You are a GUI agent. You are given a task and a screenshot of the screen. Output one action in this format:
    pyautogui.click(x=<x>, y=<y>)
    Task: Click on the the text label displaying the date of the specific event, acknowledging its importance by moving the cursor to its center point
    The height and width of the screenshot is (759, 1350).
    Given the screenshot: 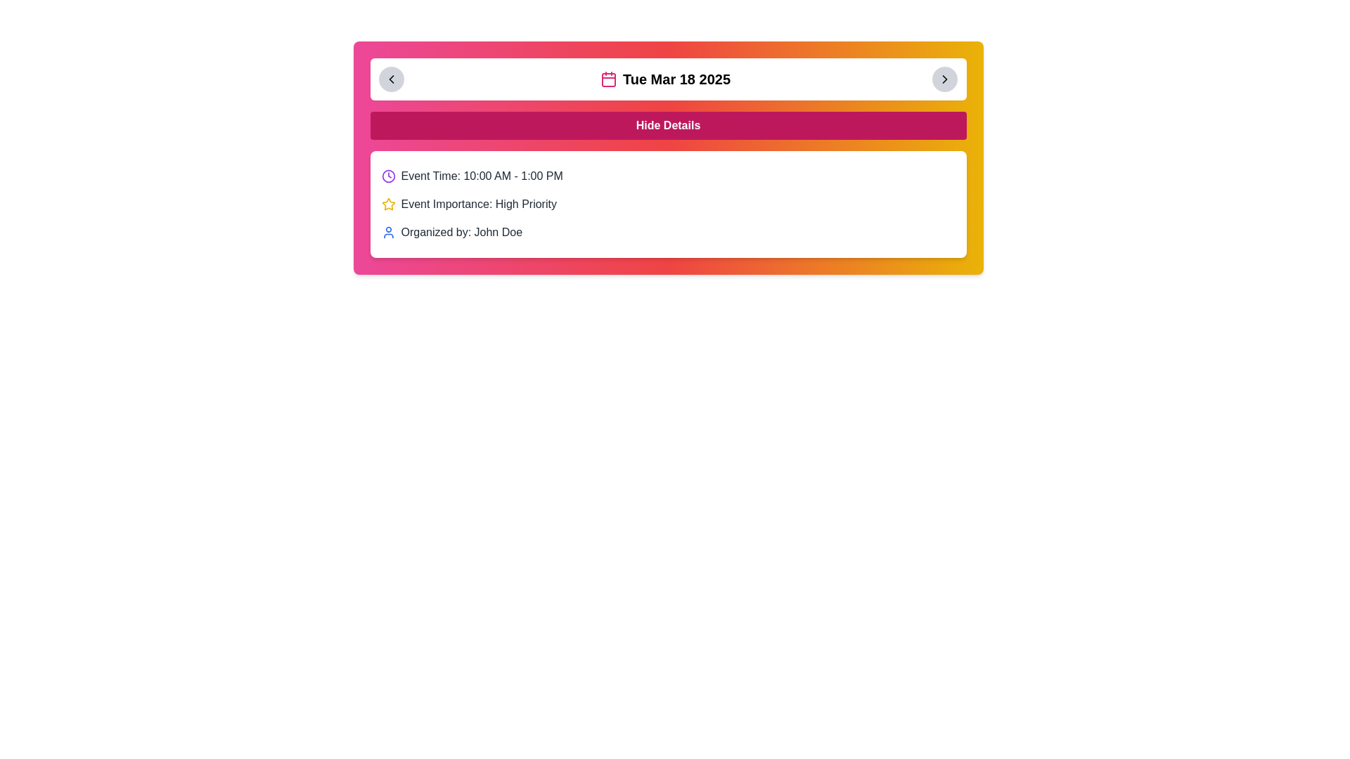 What is the action you would take?
    pyautogui.click(x=676, y=79)
    